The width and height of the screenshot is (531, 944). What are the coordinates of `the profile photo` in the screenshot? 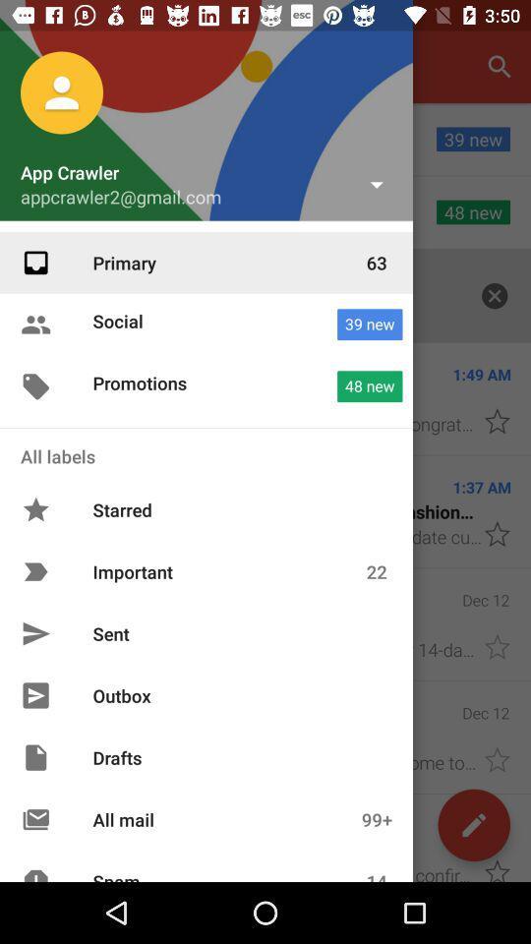 It's located at (62, 93).